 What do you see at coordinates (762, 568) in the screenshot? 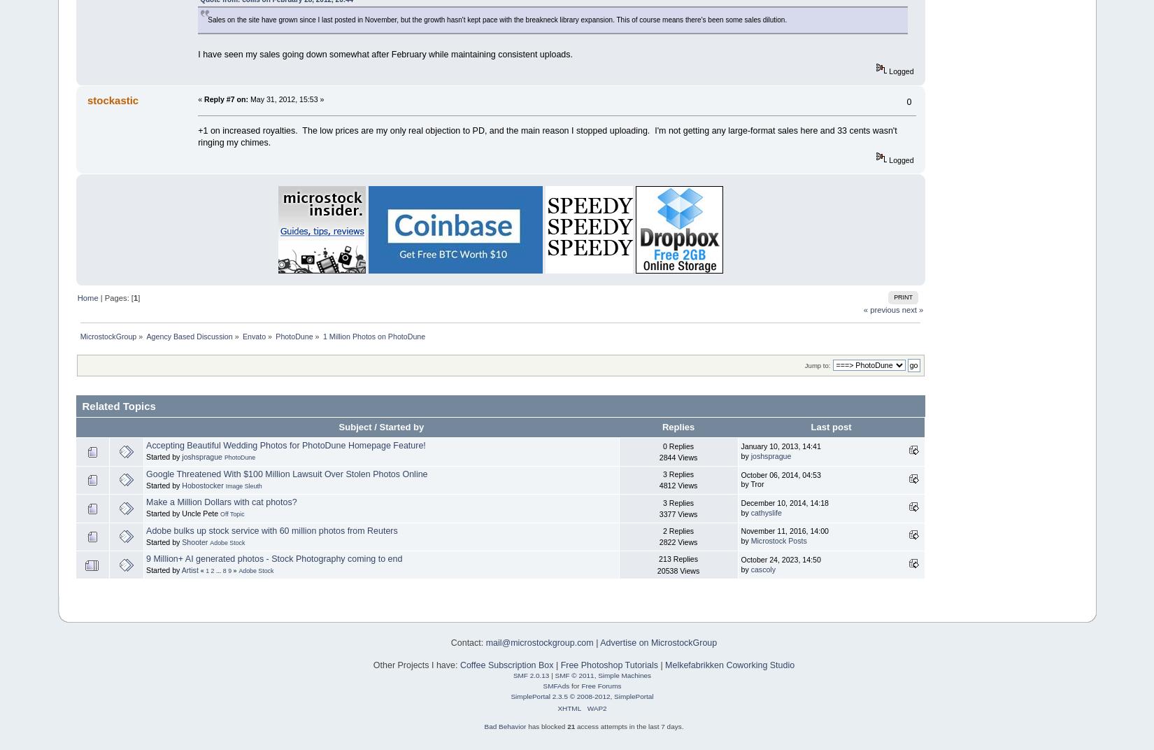
I see `'cascoly'` at bounding box center [762, 568].